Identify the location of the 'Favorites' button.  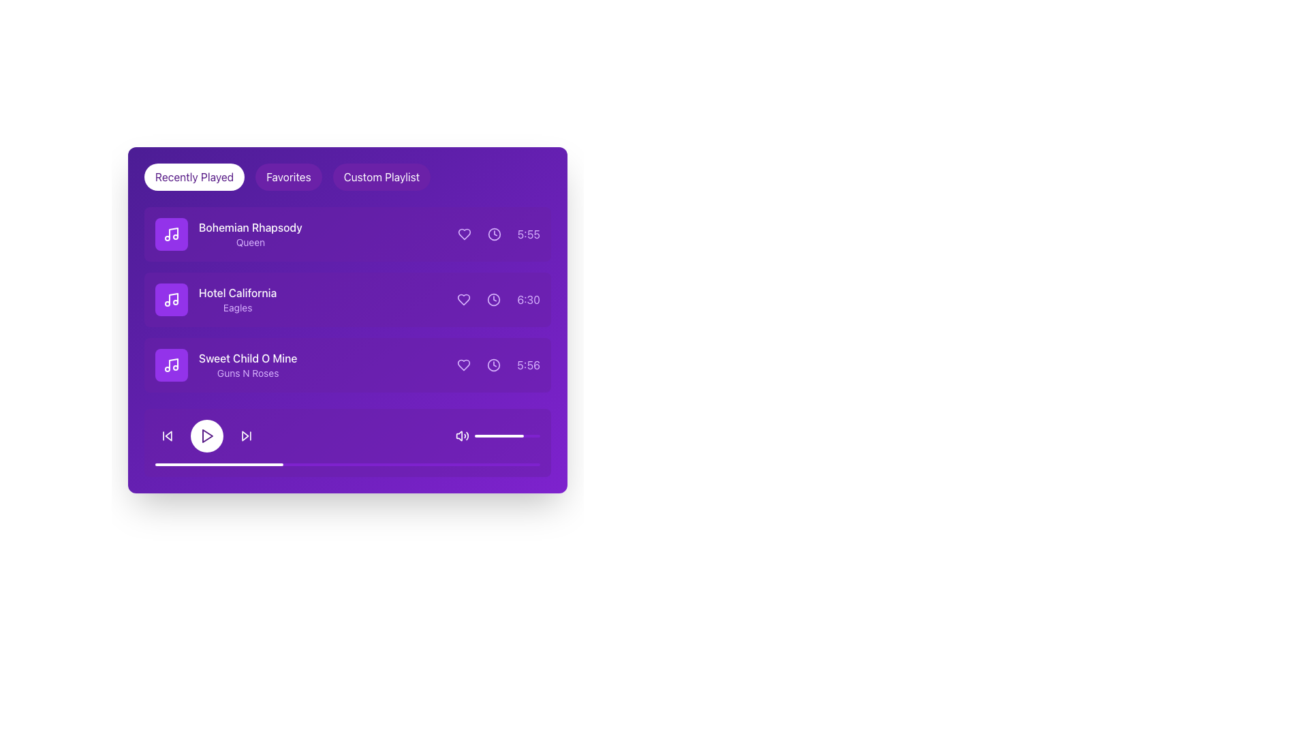
(287, 176).